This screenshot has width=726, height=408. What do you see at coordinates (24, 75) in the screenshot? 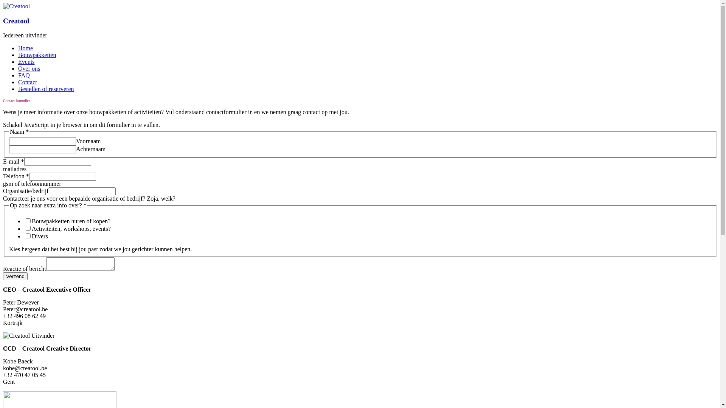
I see `'FAQ'` at bounding box center [24, 75].